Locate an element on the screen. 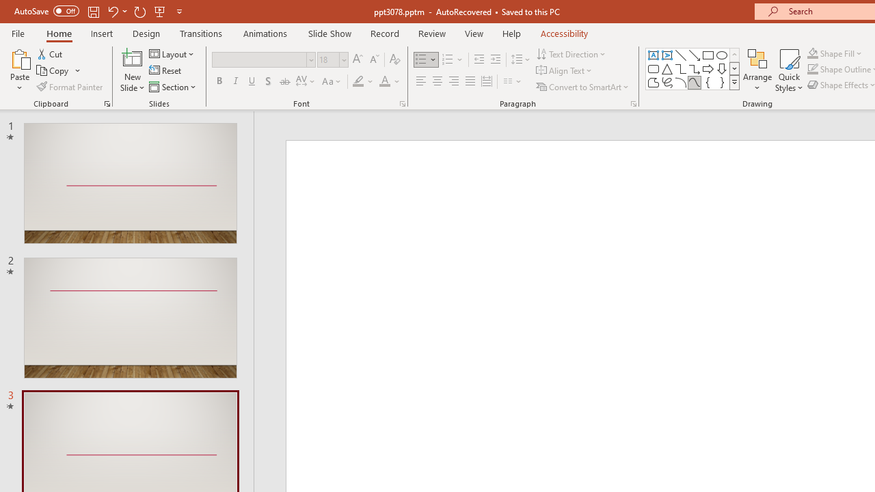  'Text Highlight Color' is located at coordinates (363, 81).